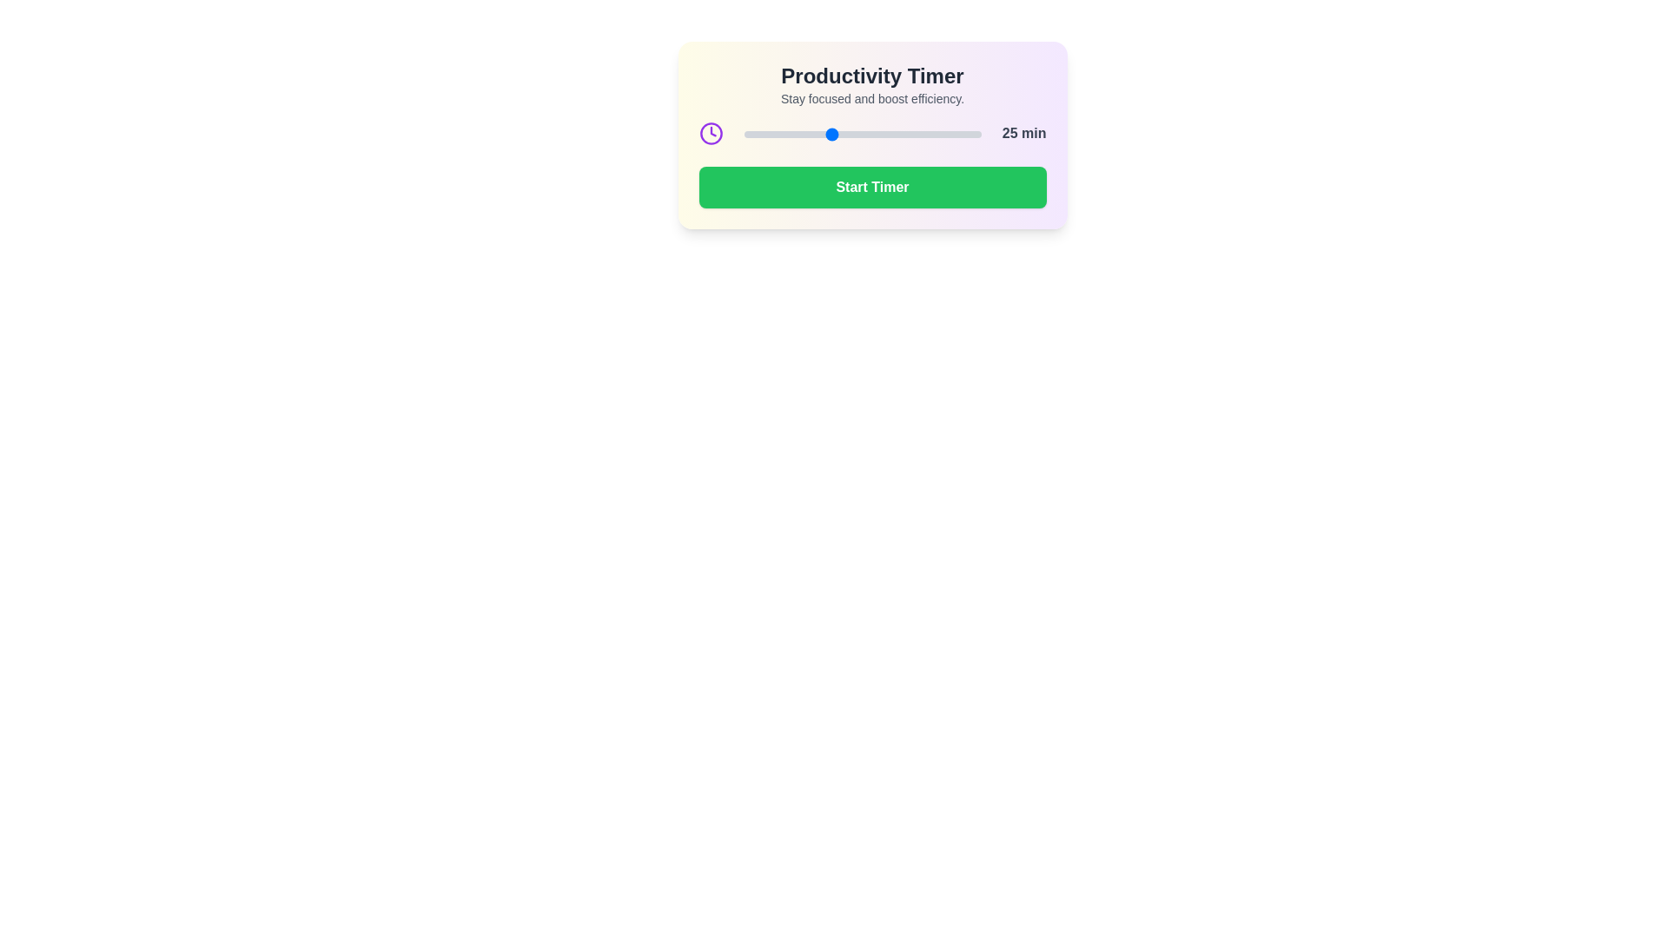 Image resolution: width=1668 pixels, height=938 pixels. What do you see at coordinates (752, 133) in the screenshot?
I see `the timer slider to 7 minutes` at bounding box center [752, 133].